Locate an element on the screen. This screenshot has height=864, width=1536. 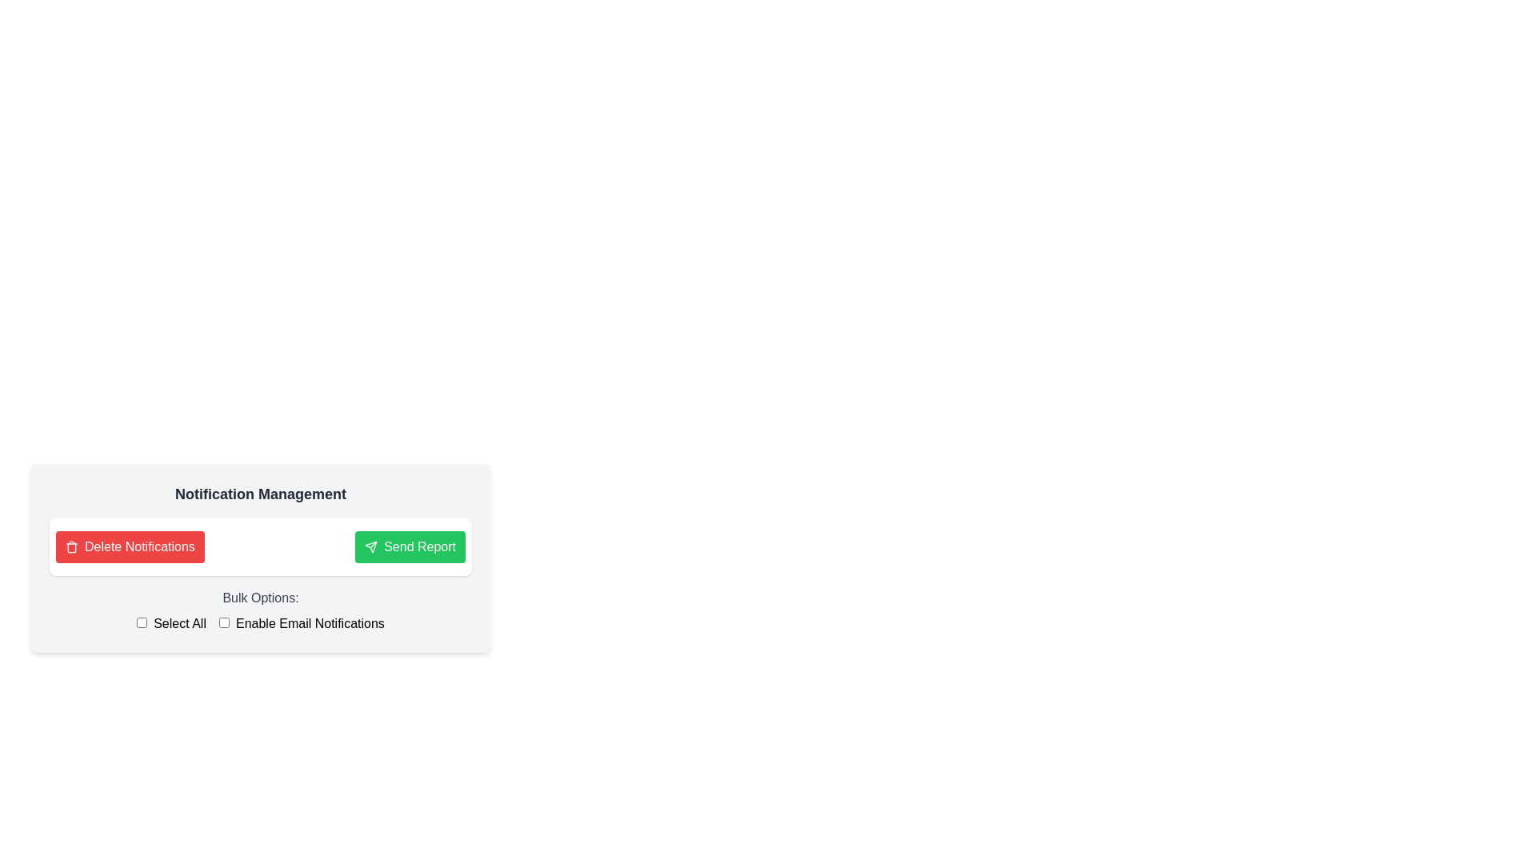
the checkbox for enabling email notifications, which is the second checkbox under the 'Bulk Options:' header, located is located at coordinates (223, 622).